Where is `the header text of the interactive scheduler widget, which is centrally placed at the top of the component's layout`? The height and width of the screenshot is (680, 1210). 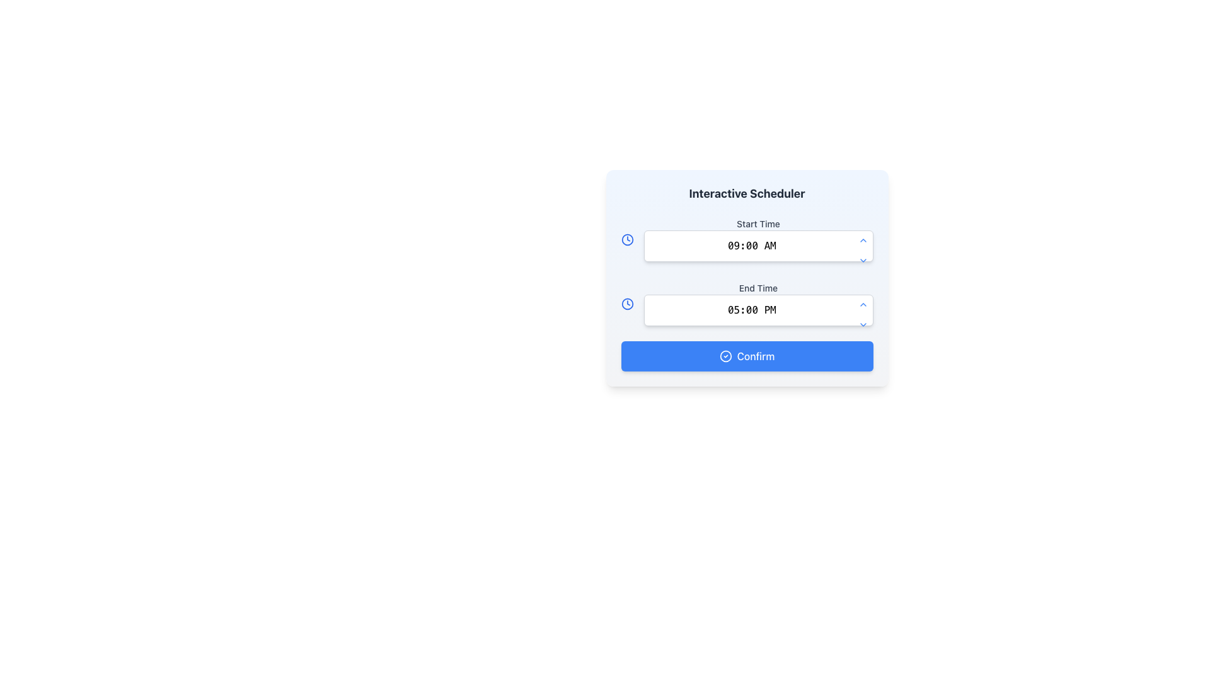
the header text of the interactive scheduler widget, which is centrally placed at the top of the component's layout is located at coordinates (747, 194).